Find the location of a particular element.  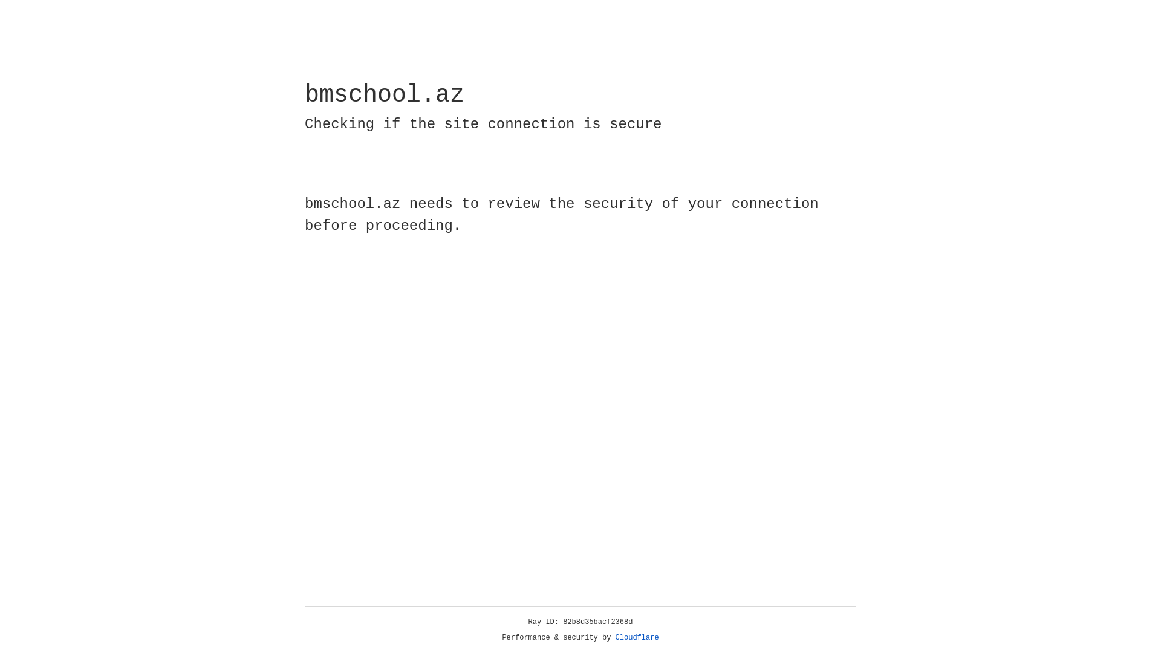

'Cloudflare' is located at coordinates (637, 637).